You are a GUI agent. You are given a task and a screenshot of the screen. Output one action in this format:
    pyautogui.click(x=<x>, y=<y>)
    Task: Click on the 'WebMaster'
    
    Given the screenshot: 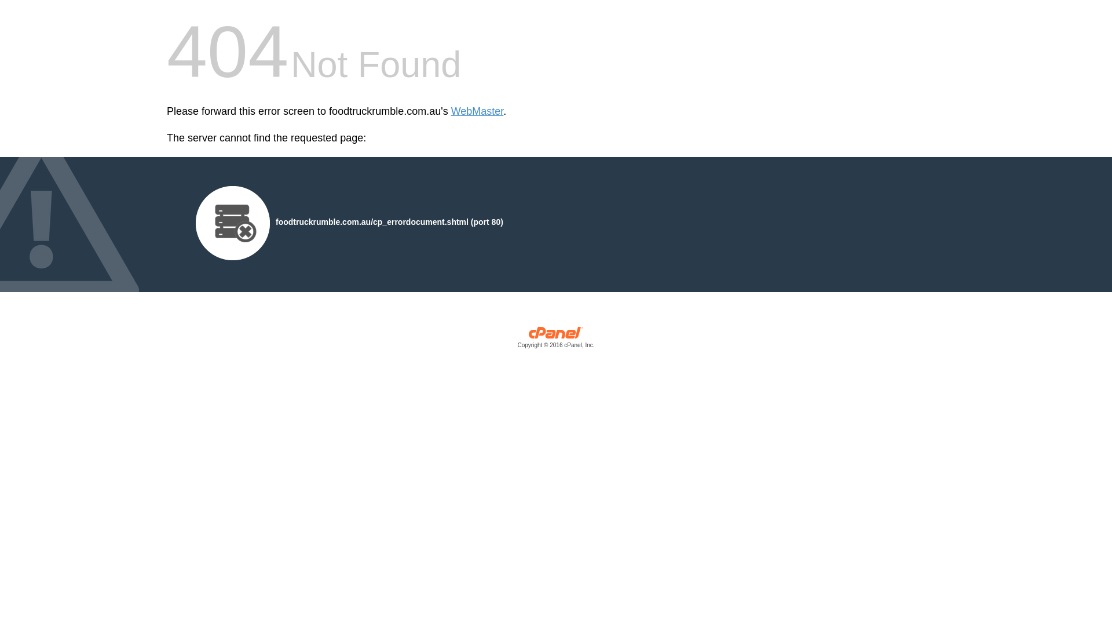 What is the action you would take?
    pyautogui.click(x=450, y=111)
    